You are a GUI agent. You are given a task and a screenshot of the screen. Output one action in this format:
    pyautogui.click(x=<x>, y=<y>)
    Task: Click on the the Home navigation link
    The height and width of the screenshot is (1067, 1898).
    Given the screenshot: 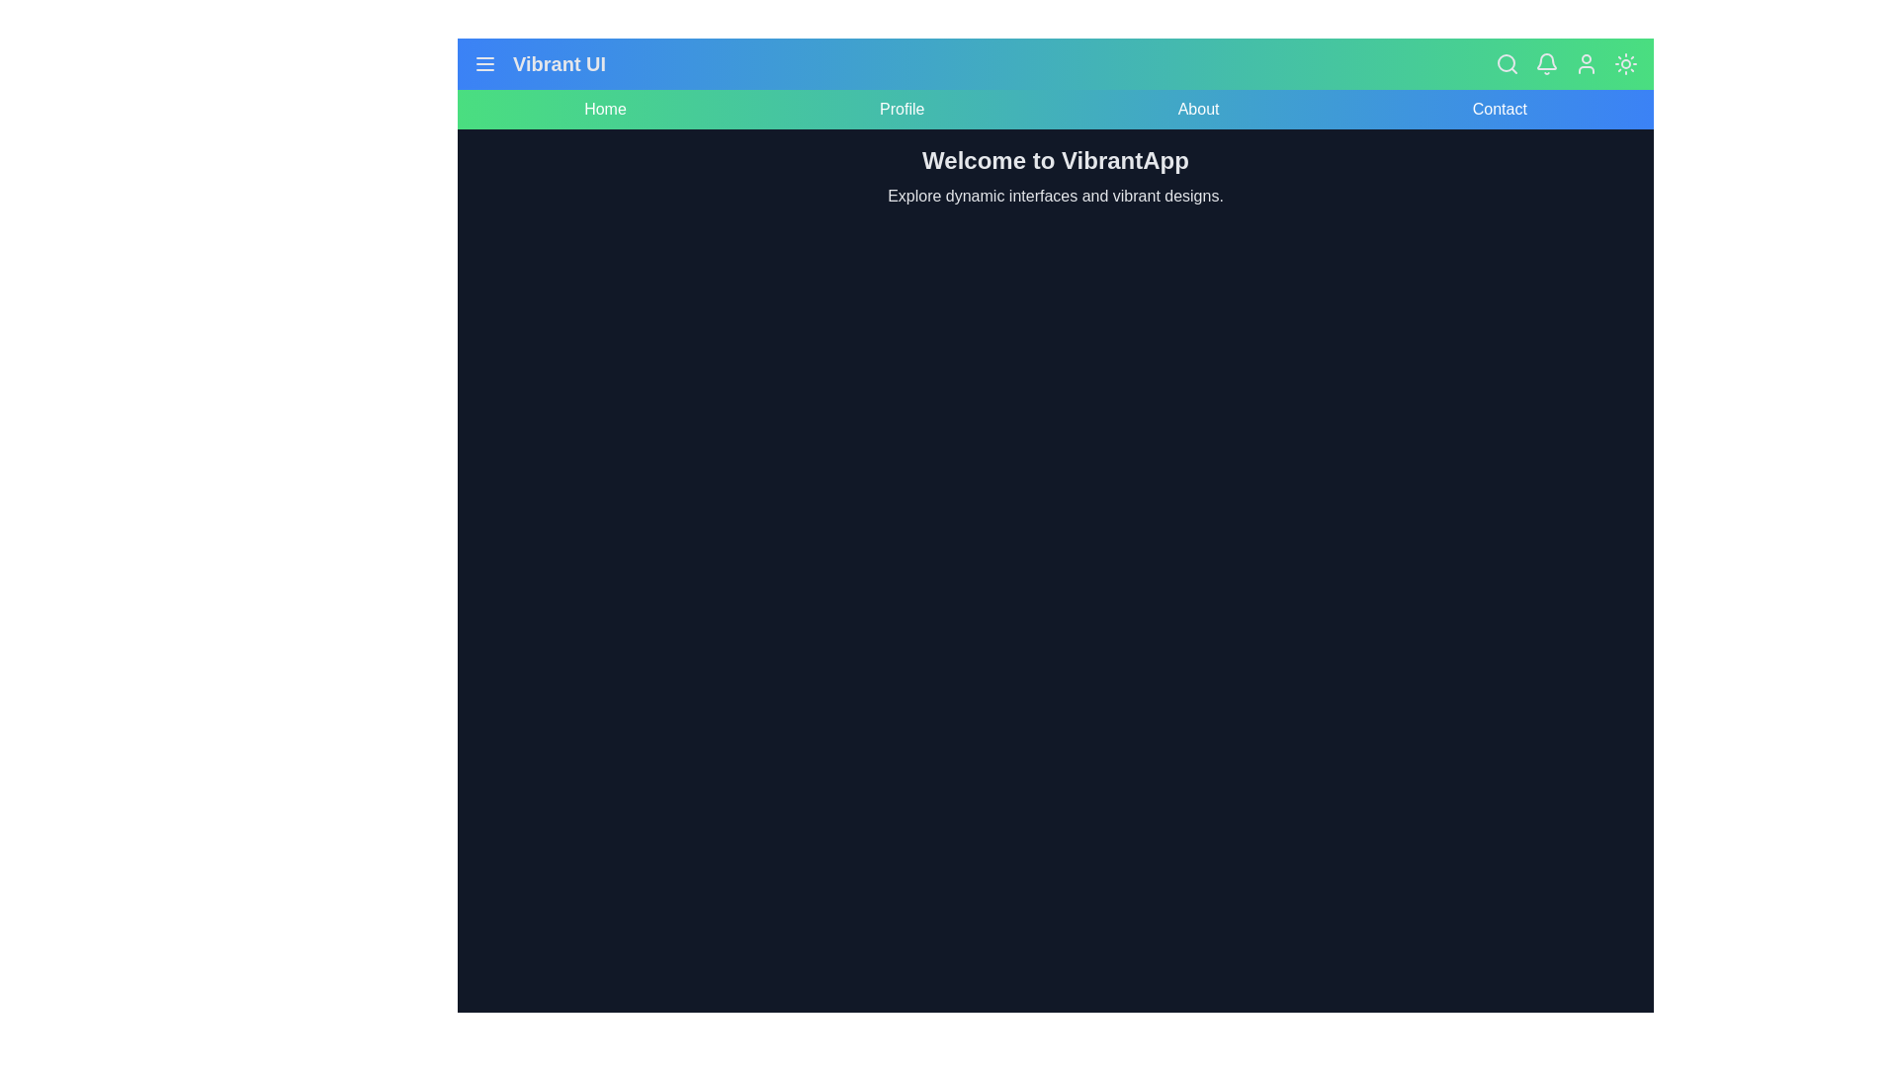 What is the action you would take?
    pyautogui.click(x=603, y=110)
    